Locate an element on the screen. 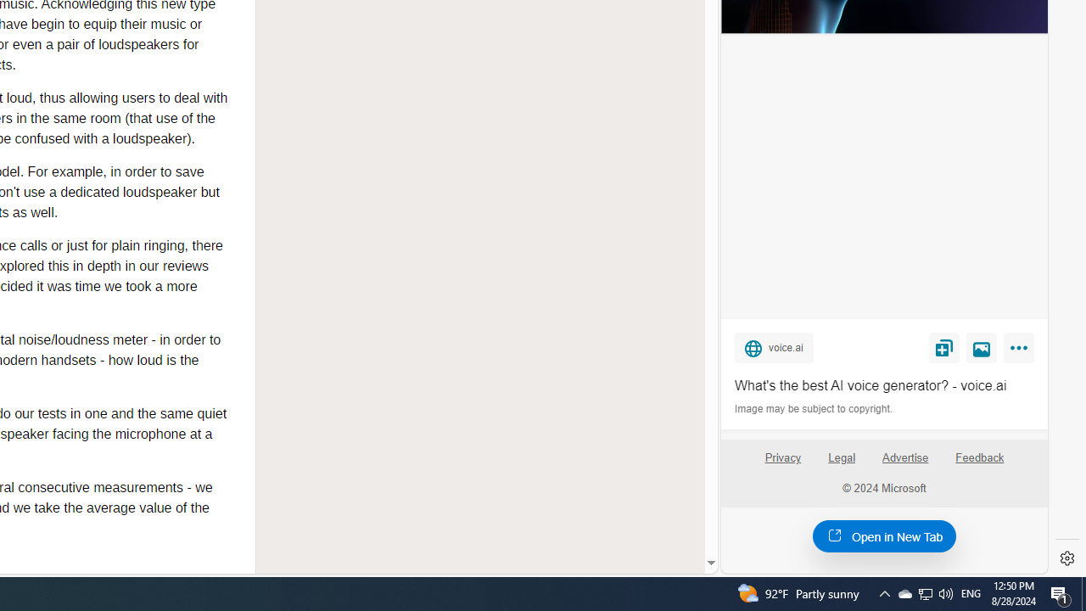 This screenshot has height=611, width=1086. 'Save' is located at coordinates (943, 346).